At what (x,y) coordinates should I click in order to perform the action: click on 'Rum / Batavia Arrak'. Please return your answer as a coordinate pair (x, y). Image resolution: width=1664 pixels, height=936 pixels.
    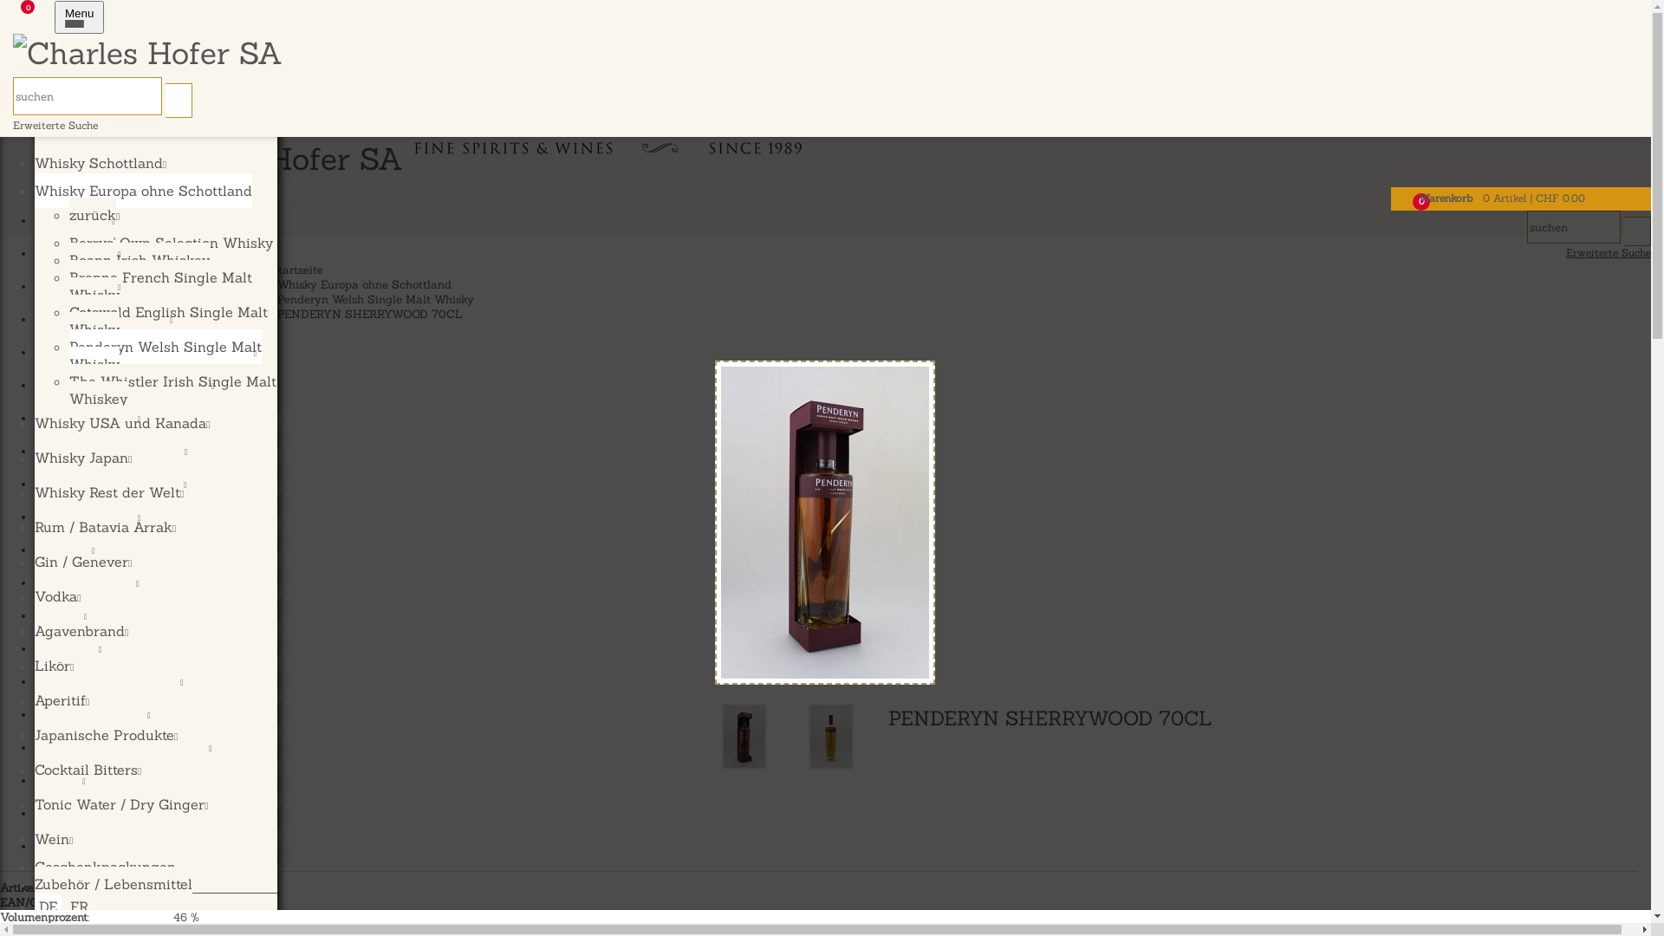
    Looking at the image, I should click on (104, 526).